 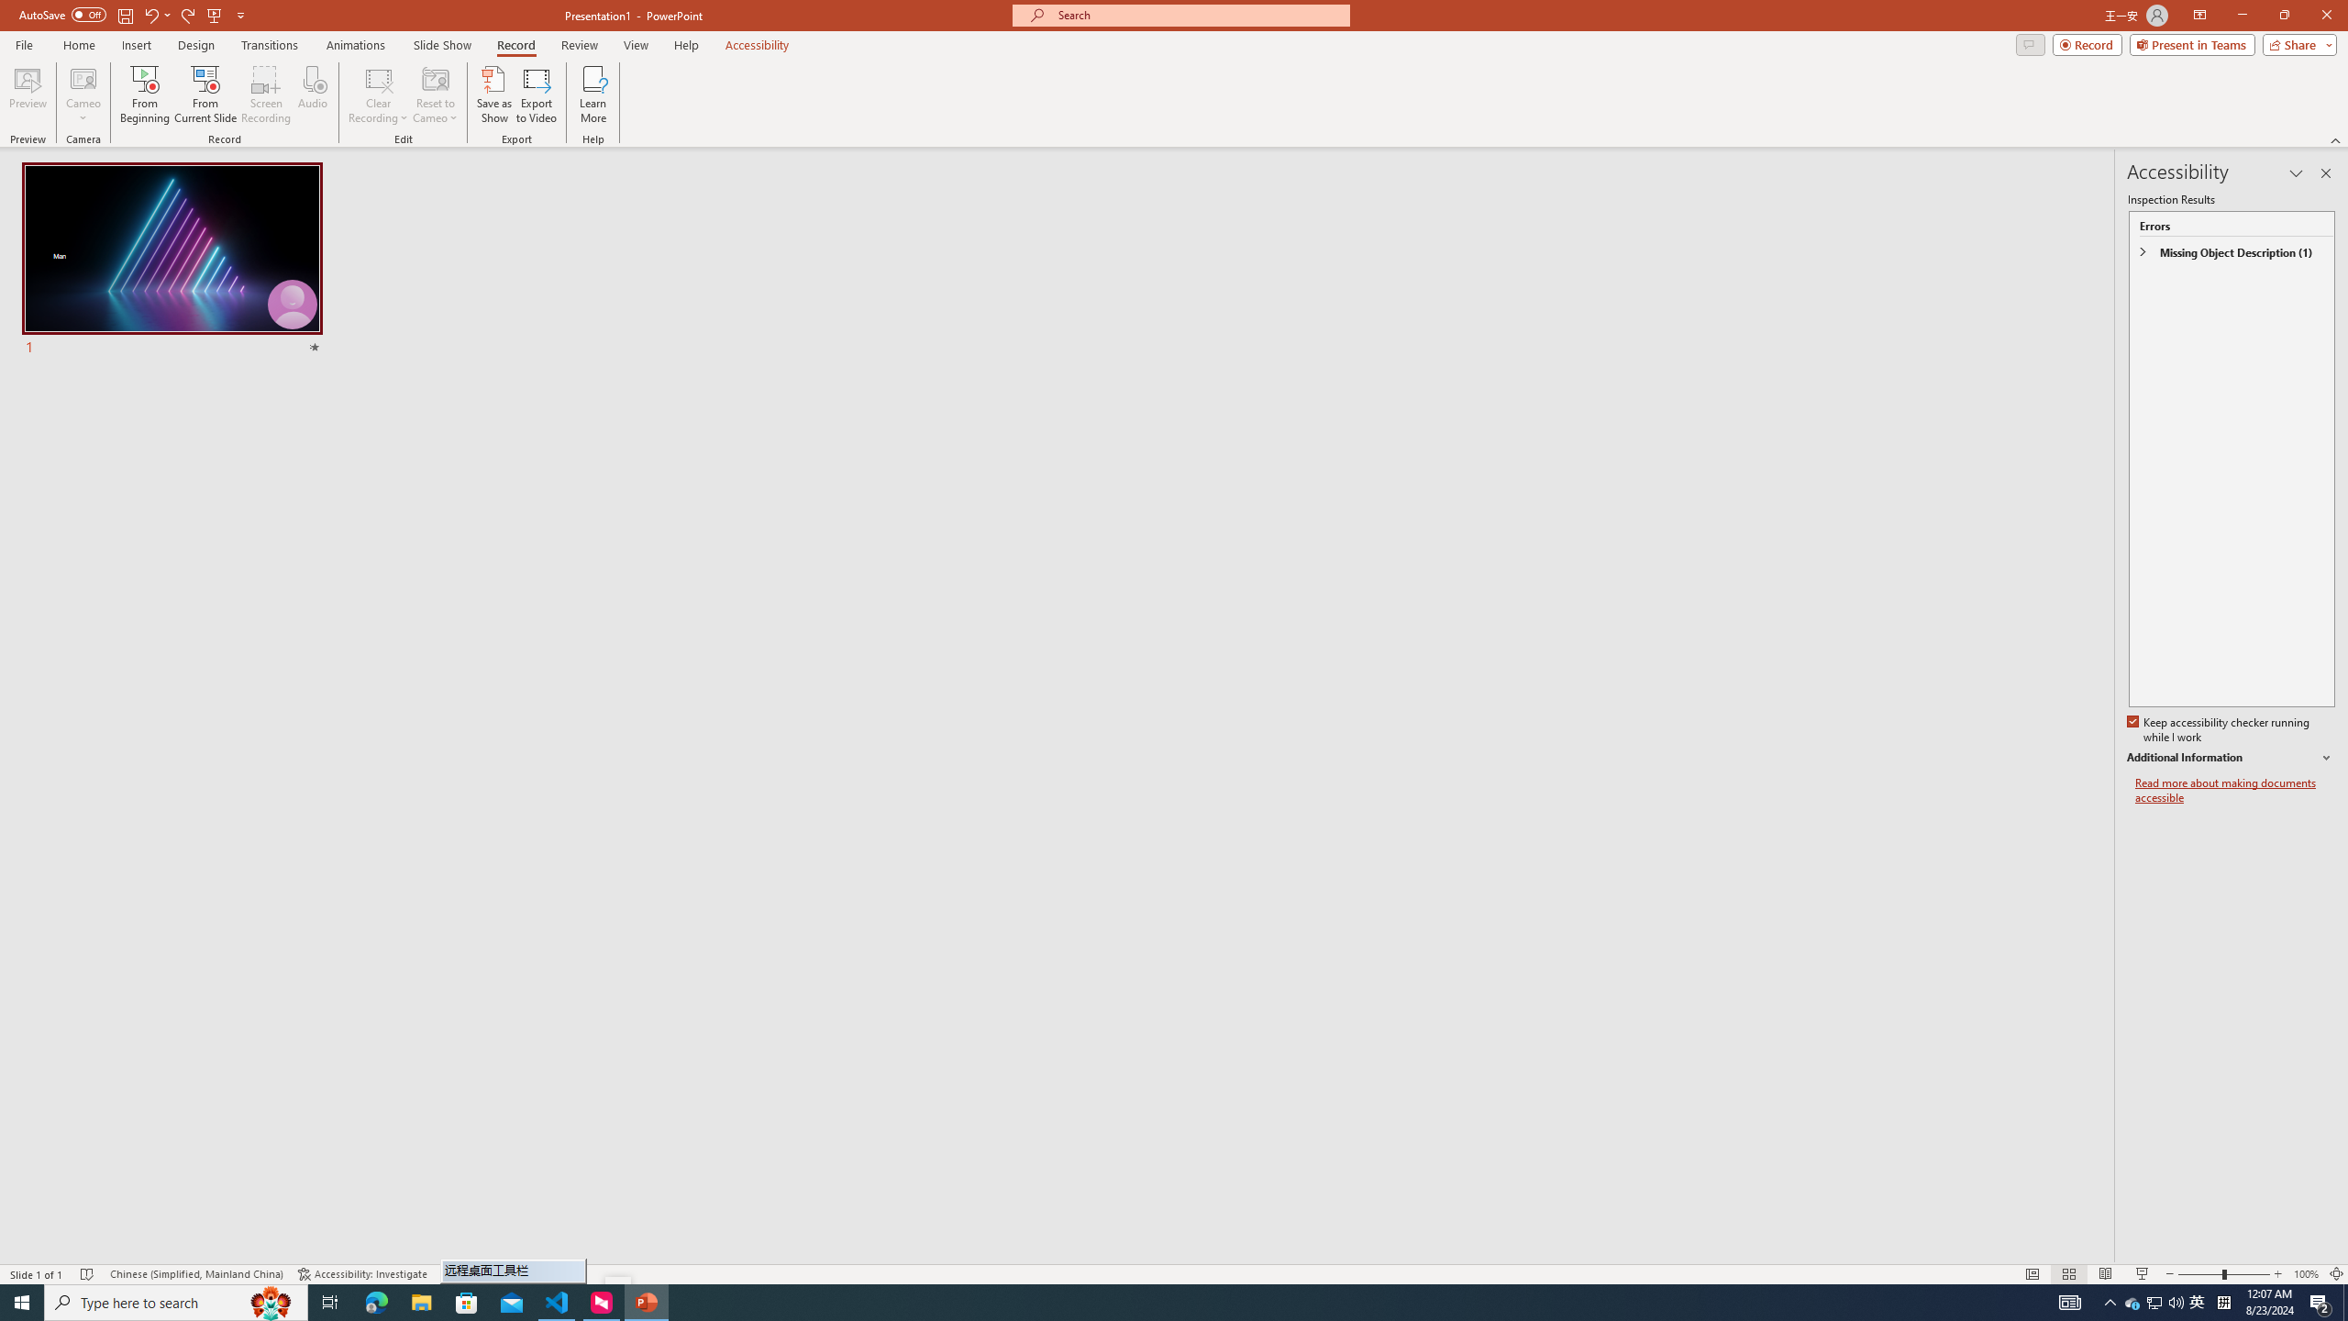 What do you see at coordinates (434, 94) in the screenshot?
I see `'Reset to Cameo'` at bounding box center [434, 94].